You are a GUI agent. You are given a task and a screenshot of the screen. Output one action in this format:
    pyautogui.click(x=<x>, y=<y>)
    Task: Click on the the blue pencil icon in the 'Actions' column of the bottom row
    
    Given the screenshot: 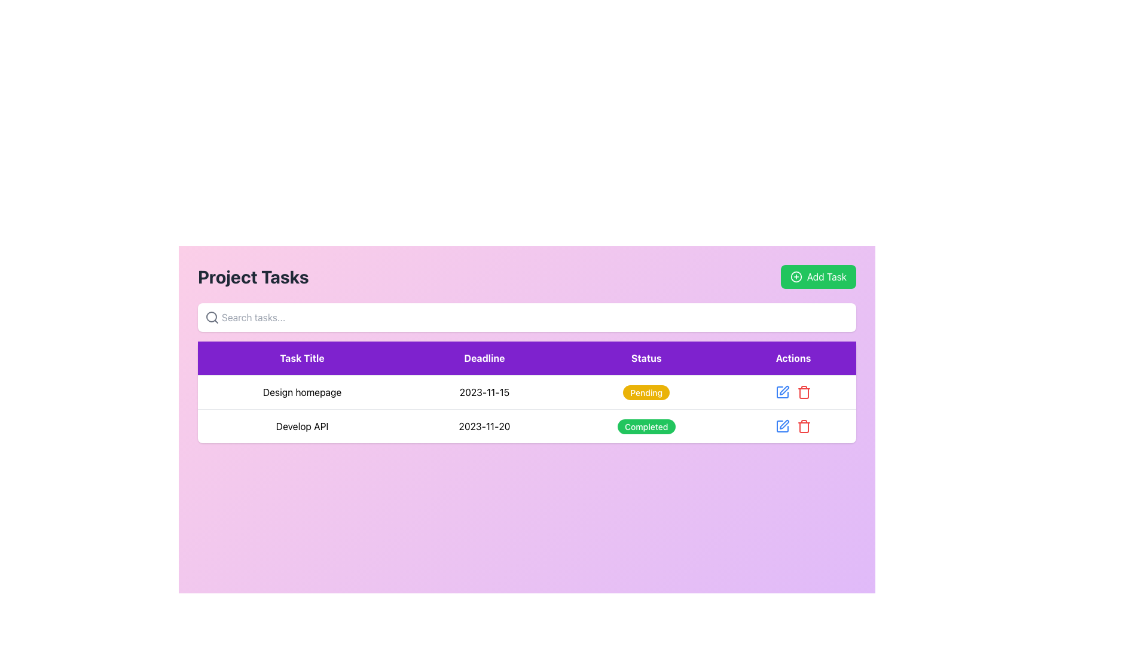 What is the action you would take?
    pyautogui.click(x=793, y=426)
    